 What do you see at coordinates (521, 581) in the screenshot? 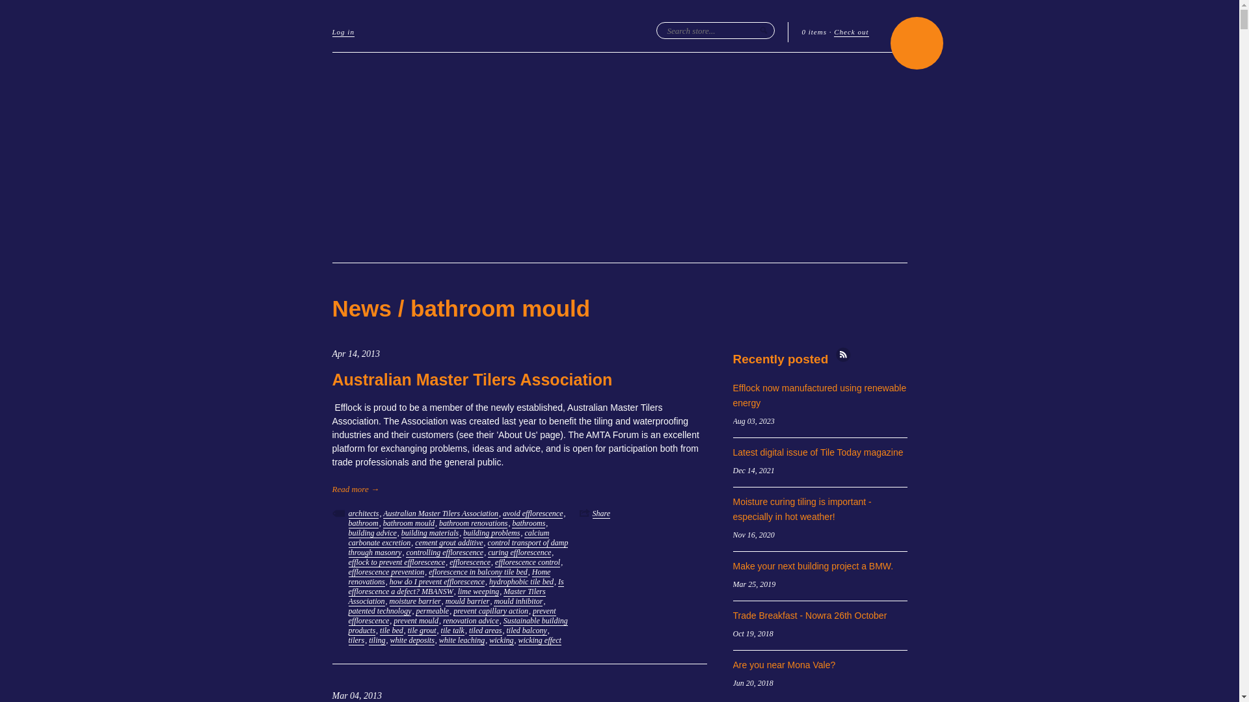
I see `'hydrophobic tile bed'` at bounding box center [521, 581].